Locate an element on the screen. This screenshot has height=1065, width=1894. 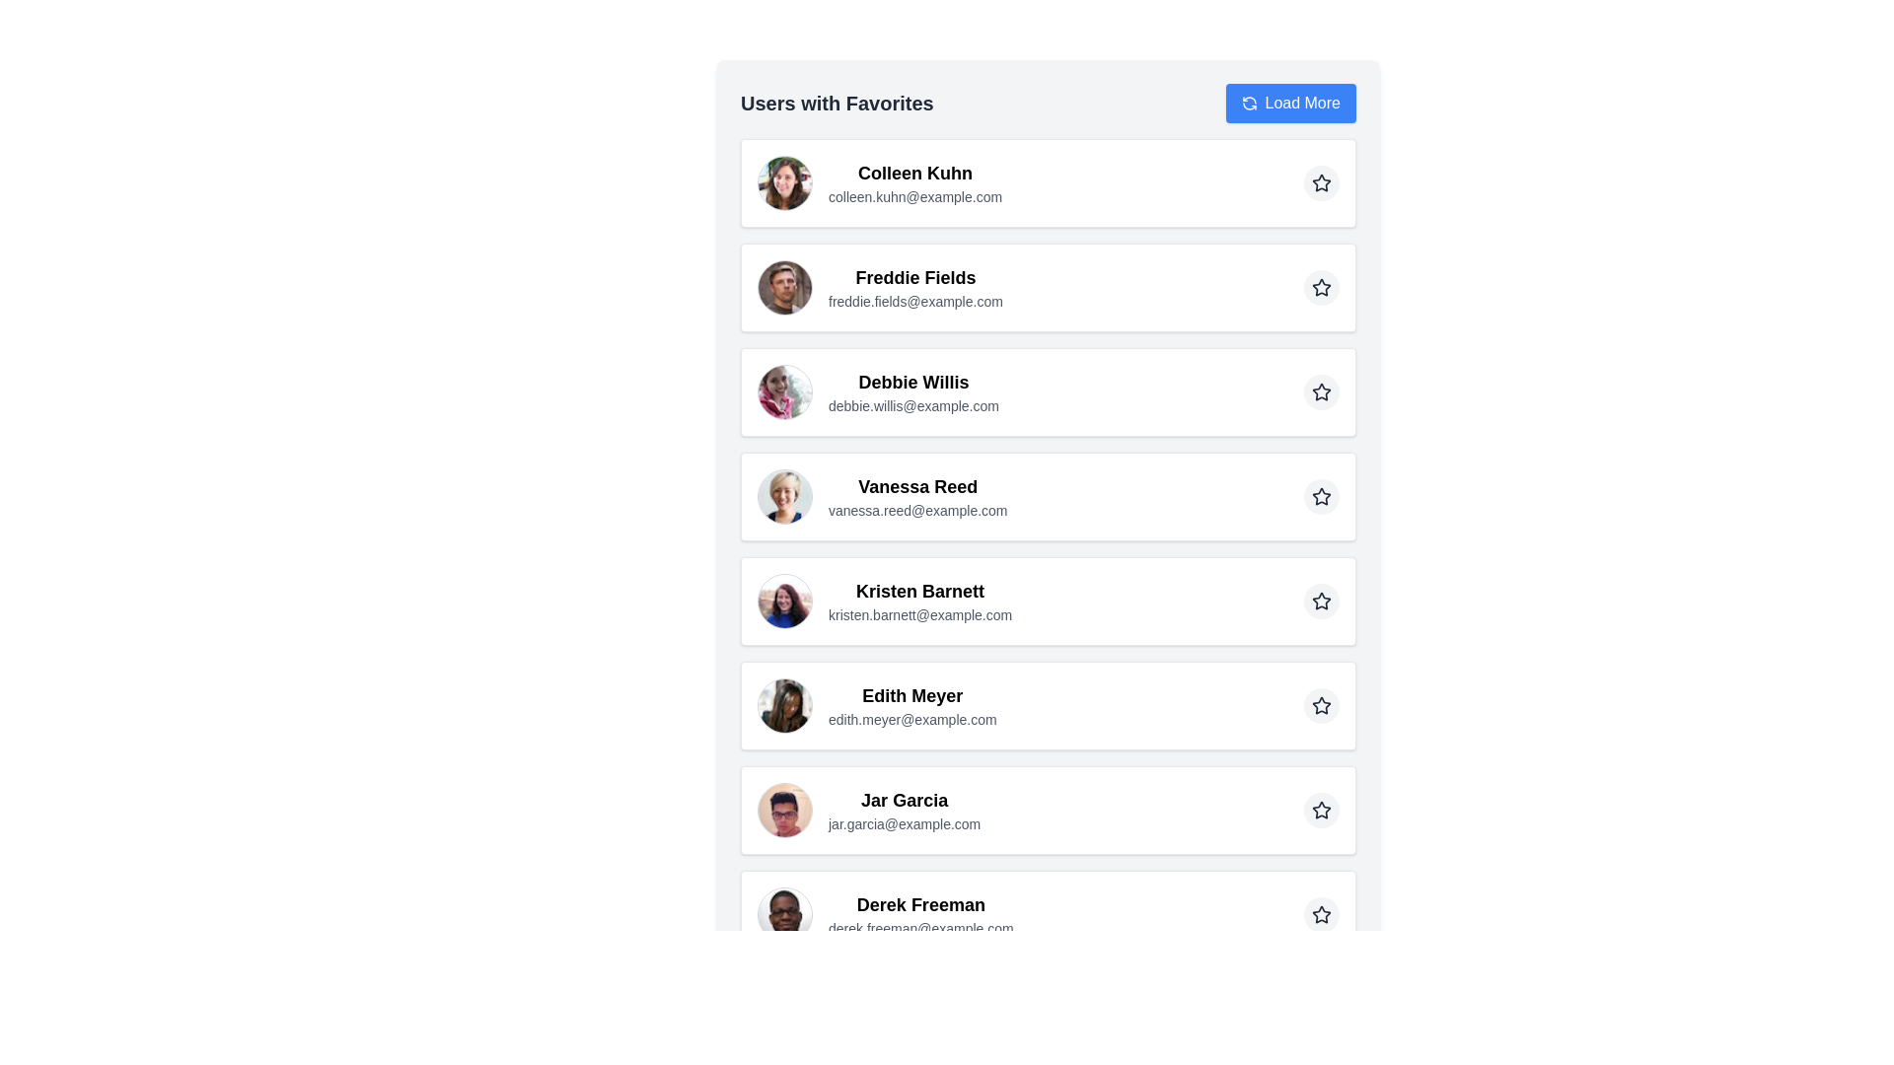
the user avatar image located to the left of the name 'Colleen Kuhn' is located at coordinates (784, 182).